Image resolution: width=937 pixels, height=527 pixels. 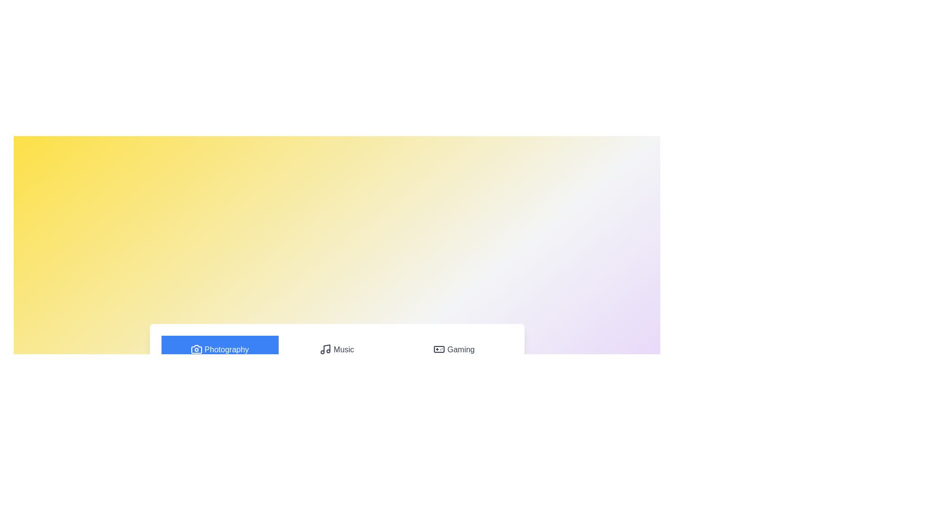 I want to click on the Photography tab, so click(x=219, y=349).